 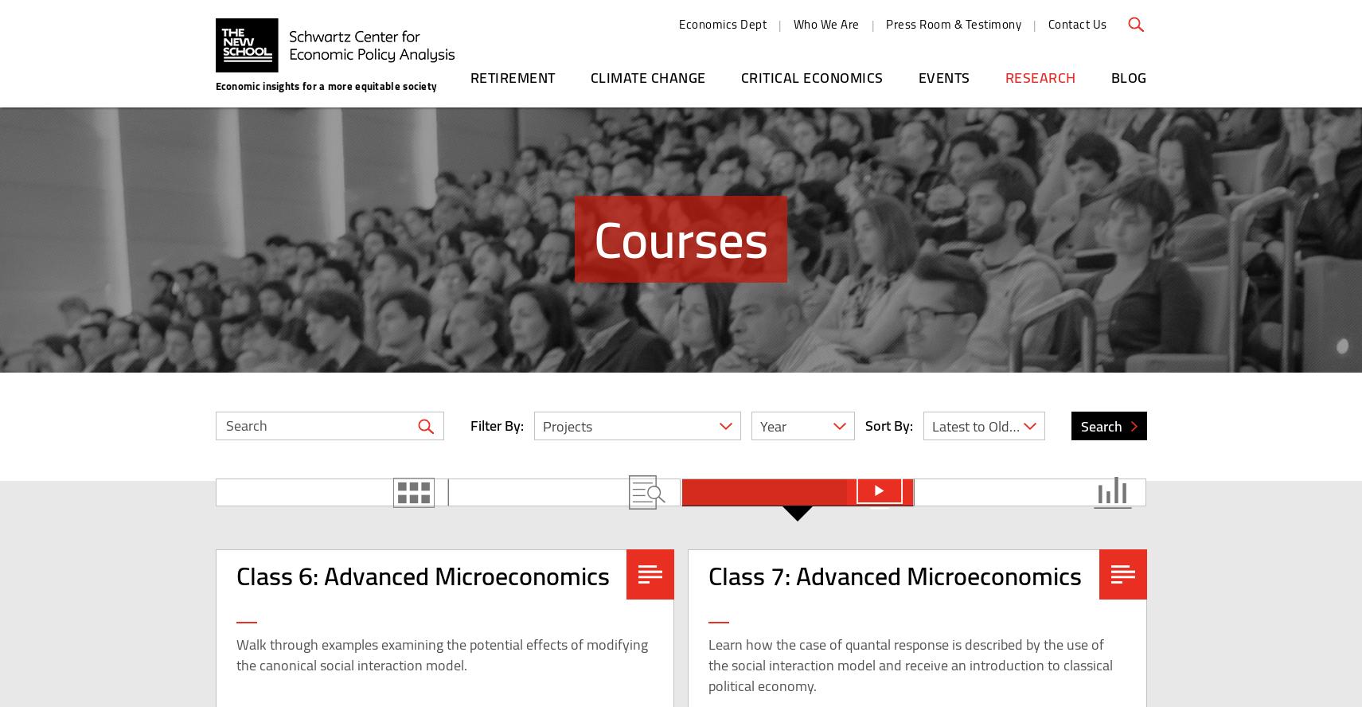 I want to click on 'Class 6: Advanced Microeconomics', so click(x=422, y=601).